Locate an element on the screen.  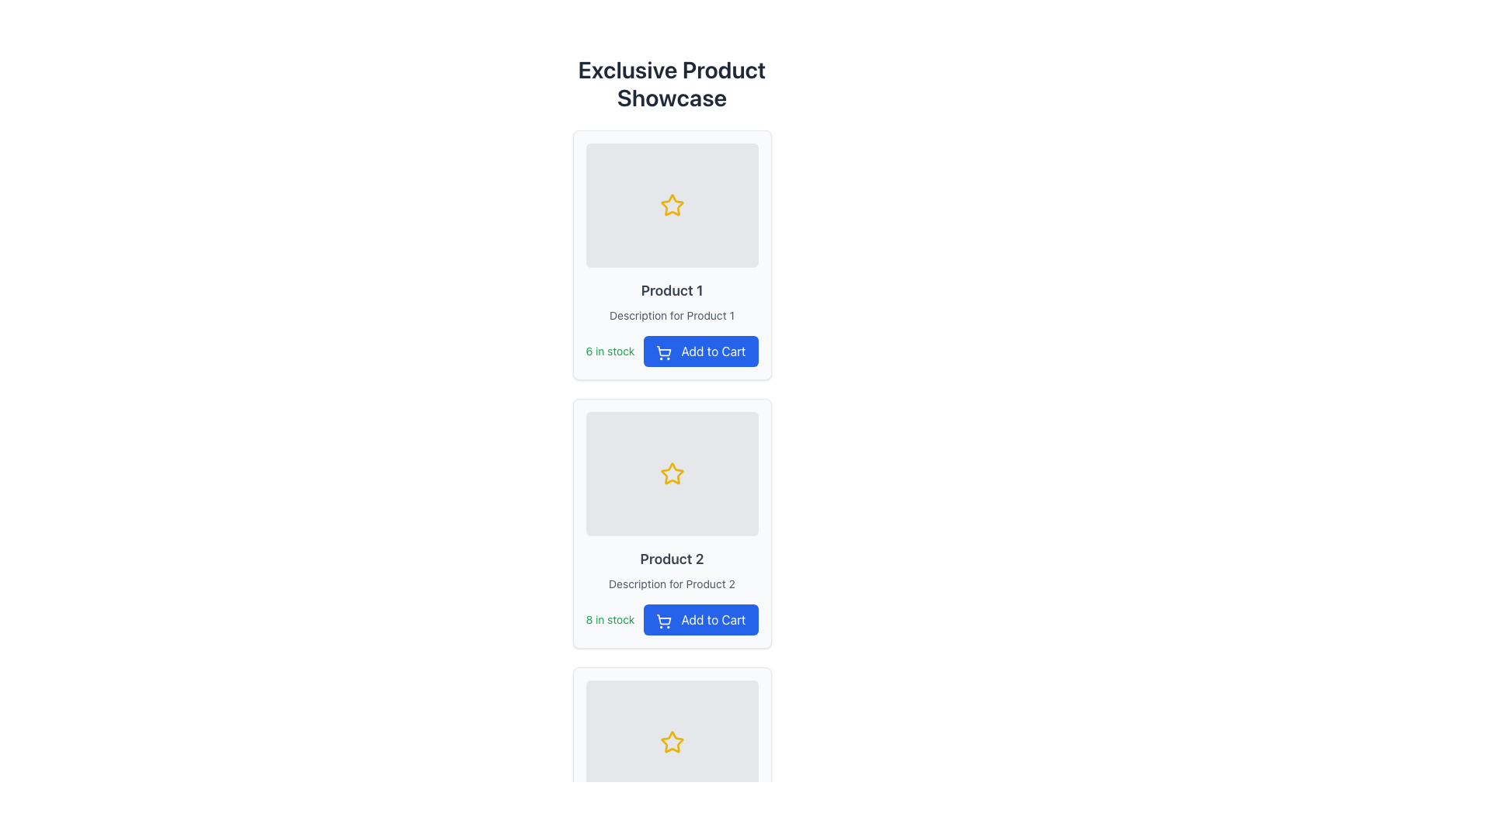
the 'Product 1' text label is located at coordinates (672, 290).